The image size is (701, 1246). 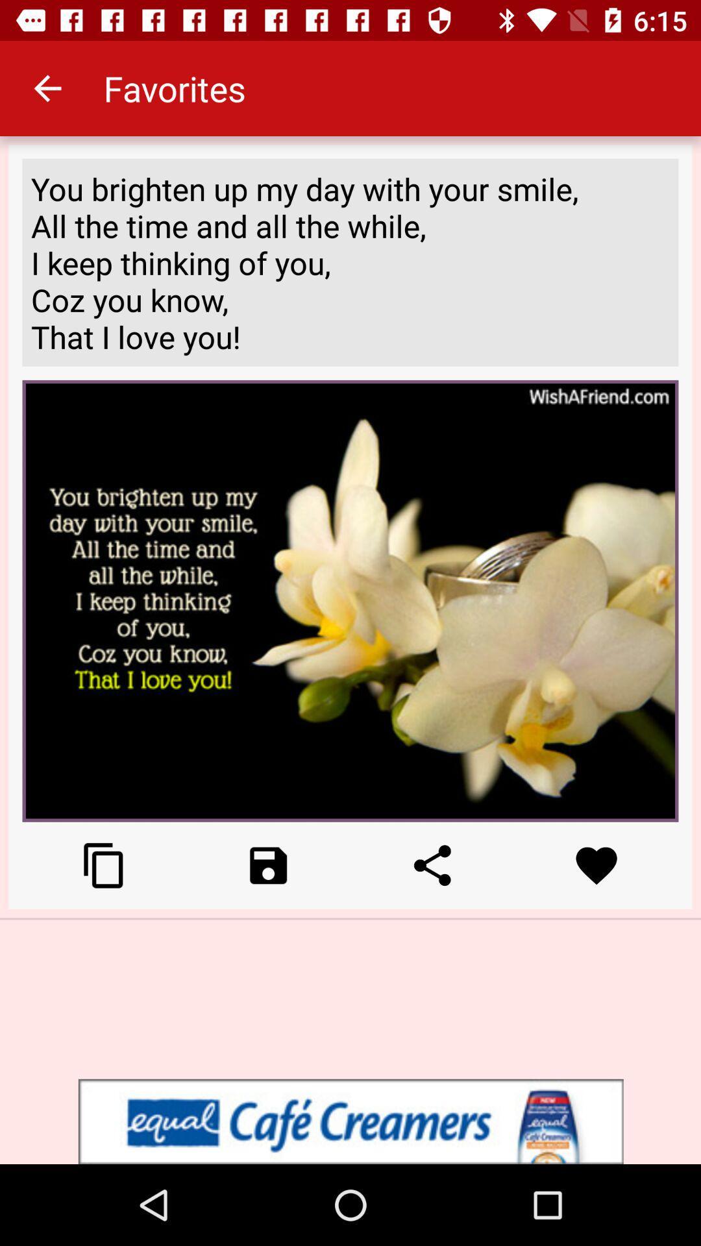 What do you see at coordinates (596, 865) in the screenshot?
I see `like option` at bounding box center [596, 865].